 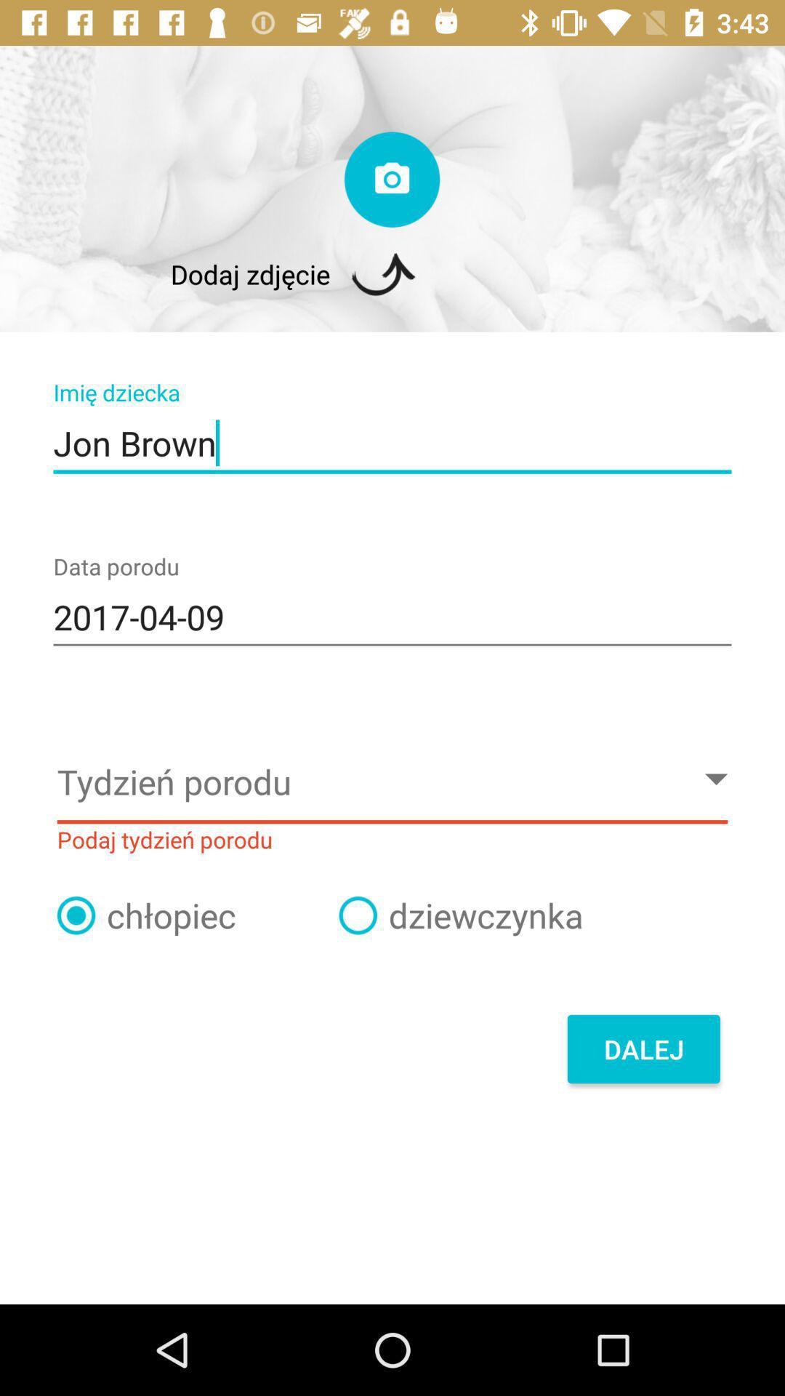 What do you see at coordinates (391, 179) in the screenshot?
I see `take a photo` at bounding box center [391, 179].